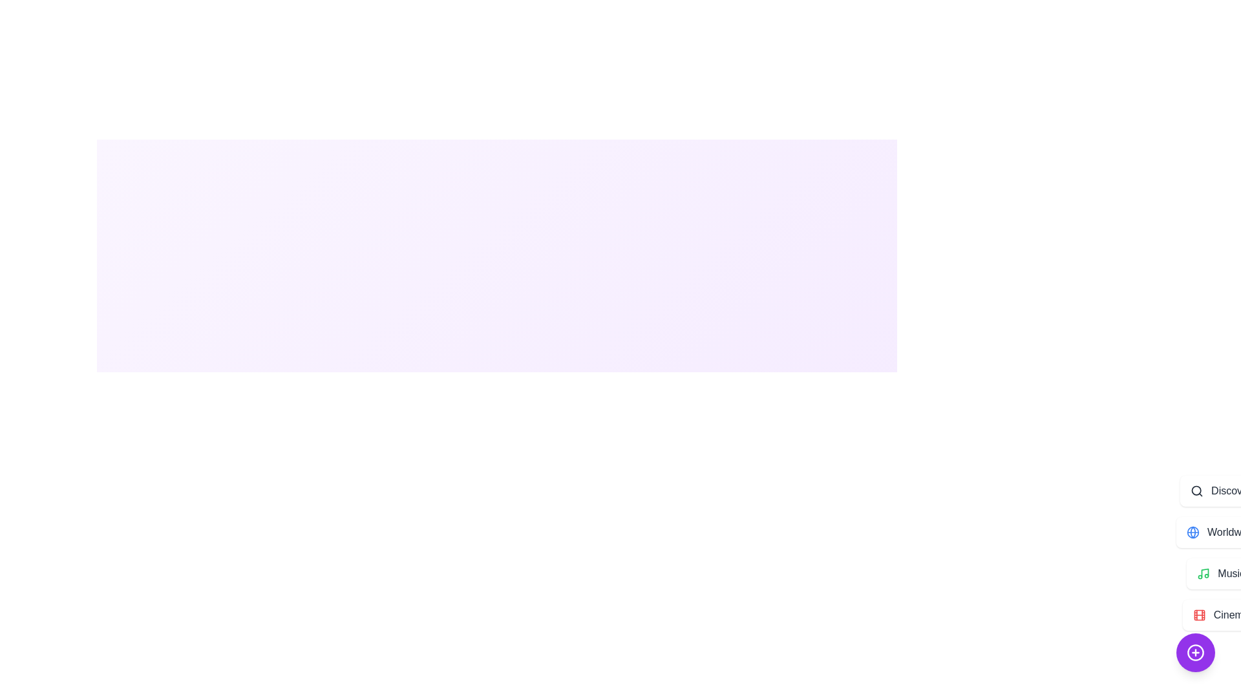  What do you see at coordinates (1220, 491) in the screenshot?
I see `the 'Discover' button in the menu` at bounding box center [1220, 491].